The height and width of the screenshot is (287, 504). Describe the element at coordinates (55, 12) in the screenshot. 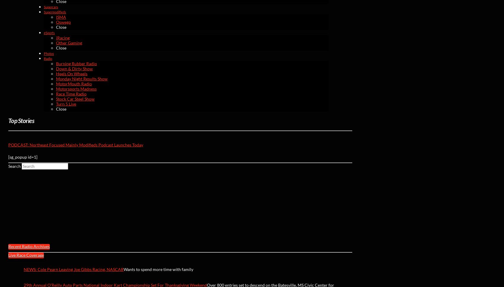

I see `'Supermodifieds'` at that location.